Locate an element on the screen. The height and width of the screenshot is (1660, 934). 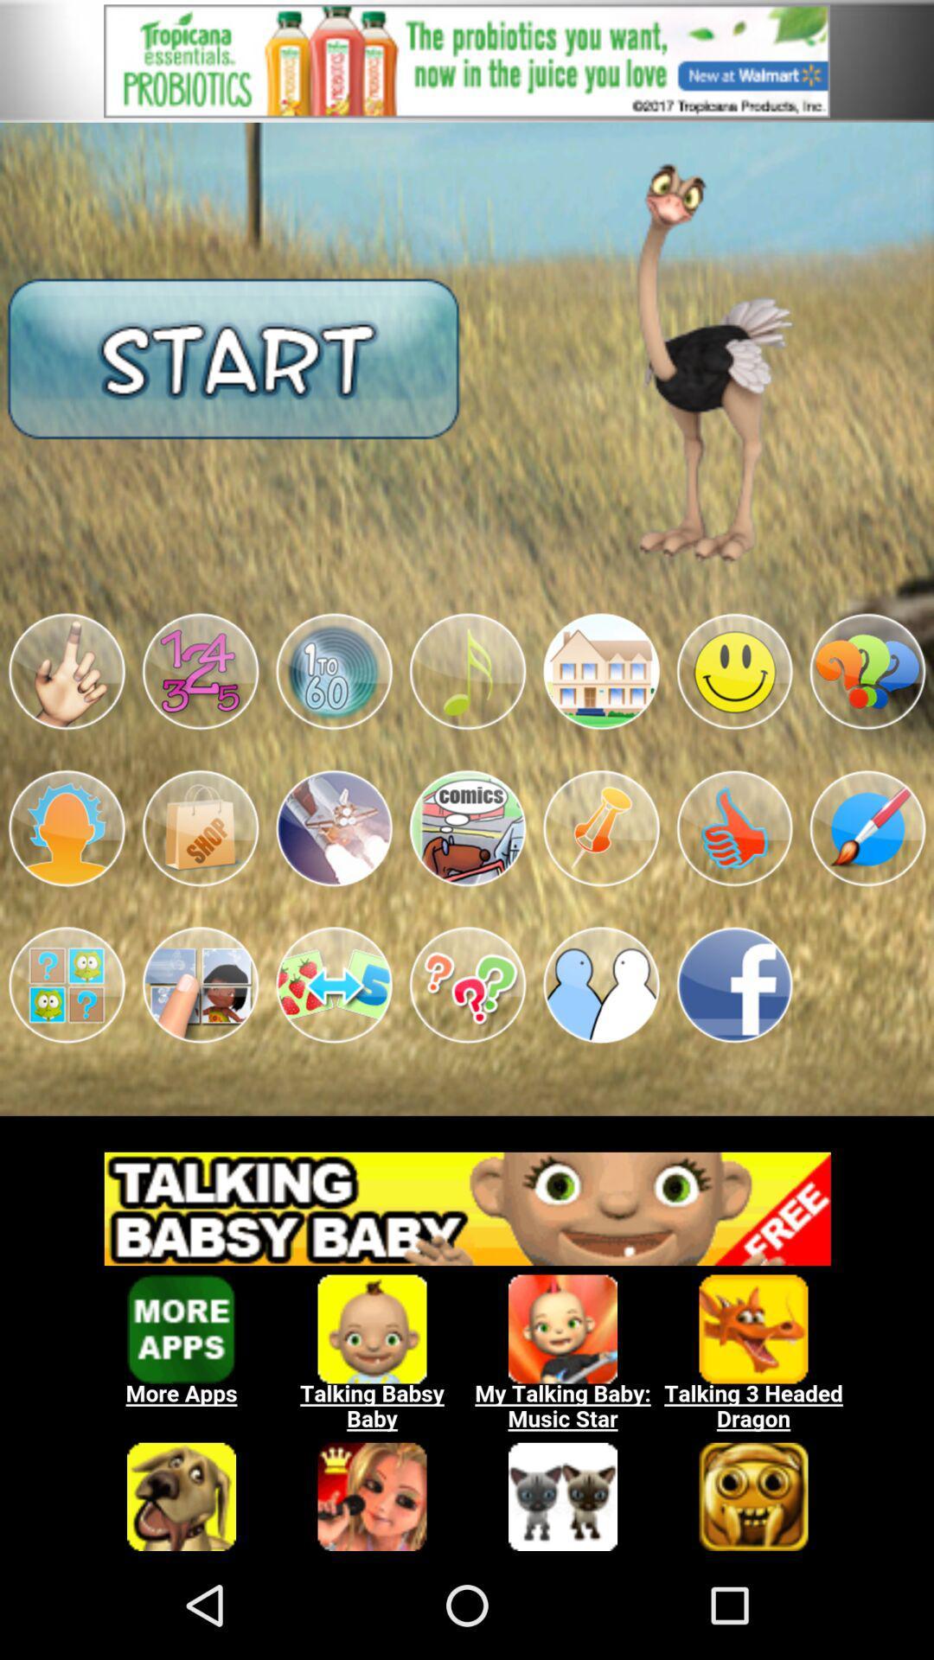
open shop is located at coordinates (199, 827).